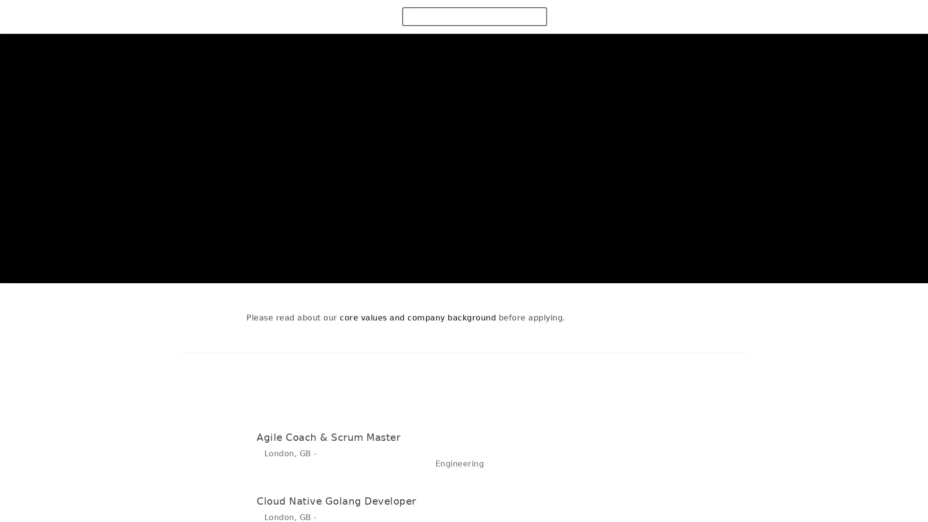 The image size is (928, 522). I want to click on Apply, so click(650, 443).